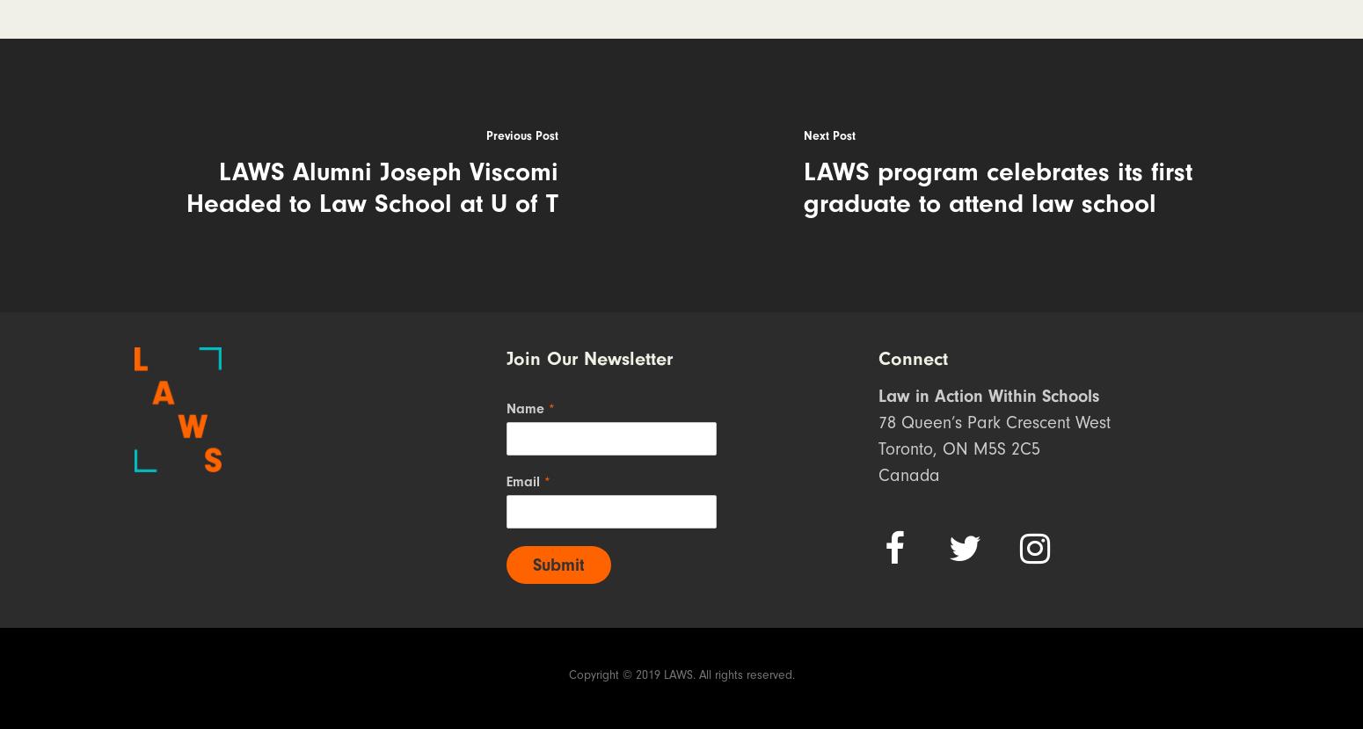 This screenshot has width=1363, height=729. Describe the element at coordinates (913, 359) in the screenshot. I see `'Connect'` at that location.